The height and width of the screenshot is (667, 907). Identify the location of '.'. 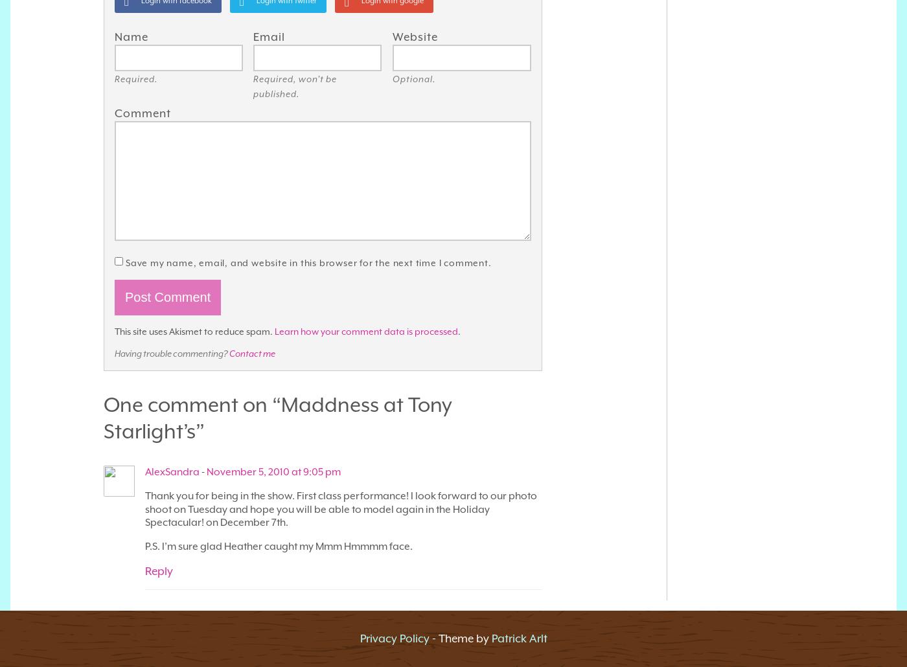
(458, 330).